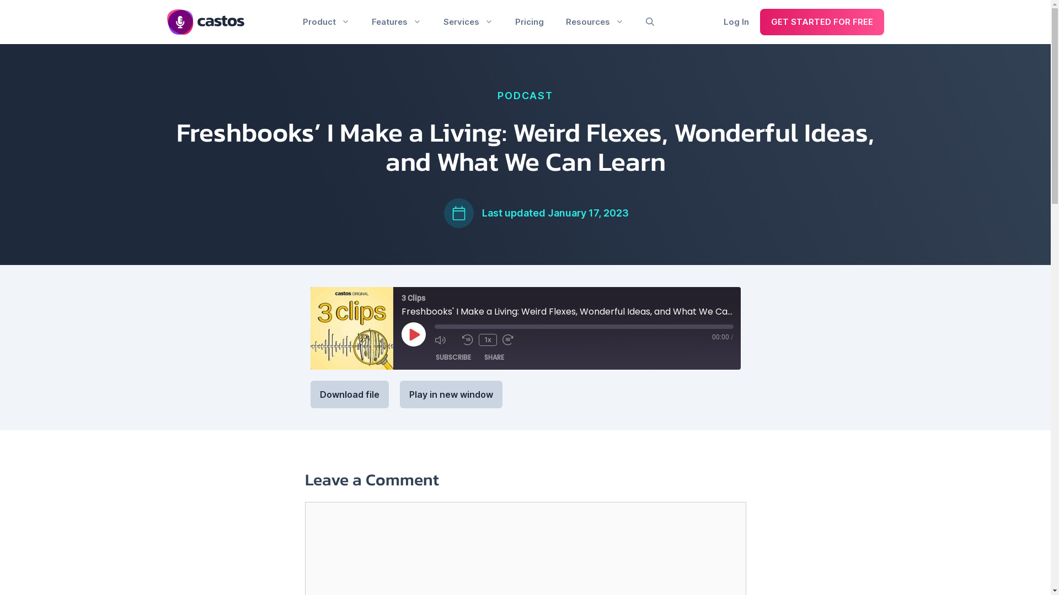 The height and width of the screenshot is (595, 1059). I want to click on 'Fast Forward 30 seconds', so click(512, 339).